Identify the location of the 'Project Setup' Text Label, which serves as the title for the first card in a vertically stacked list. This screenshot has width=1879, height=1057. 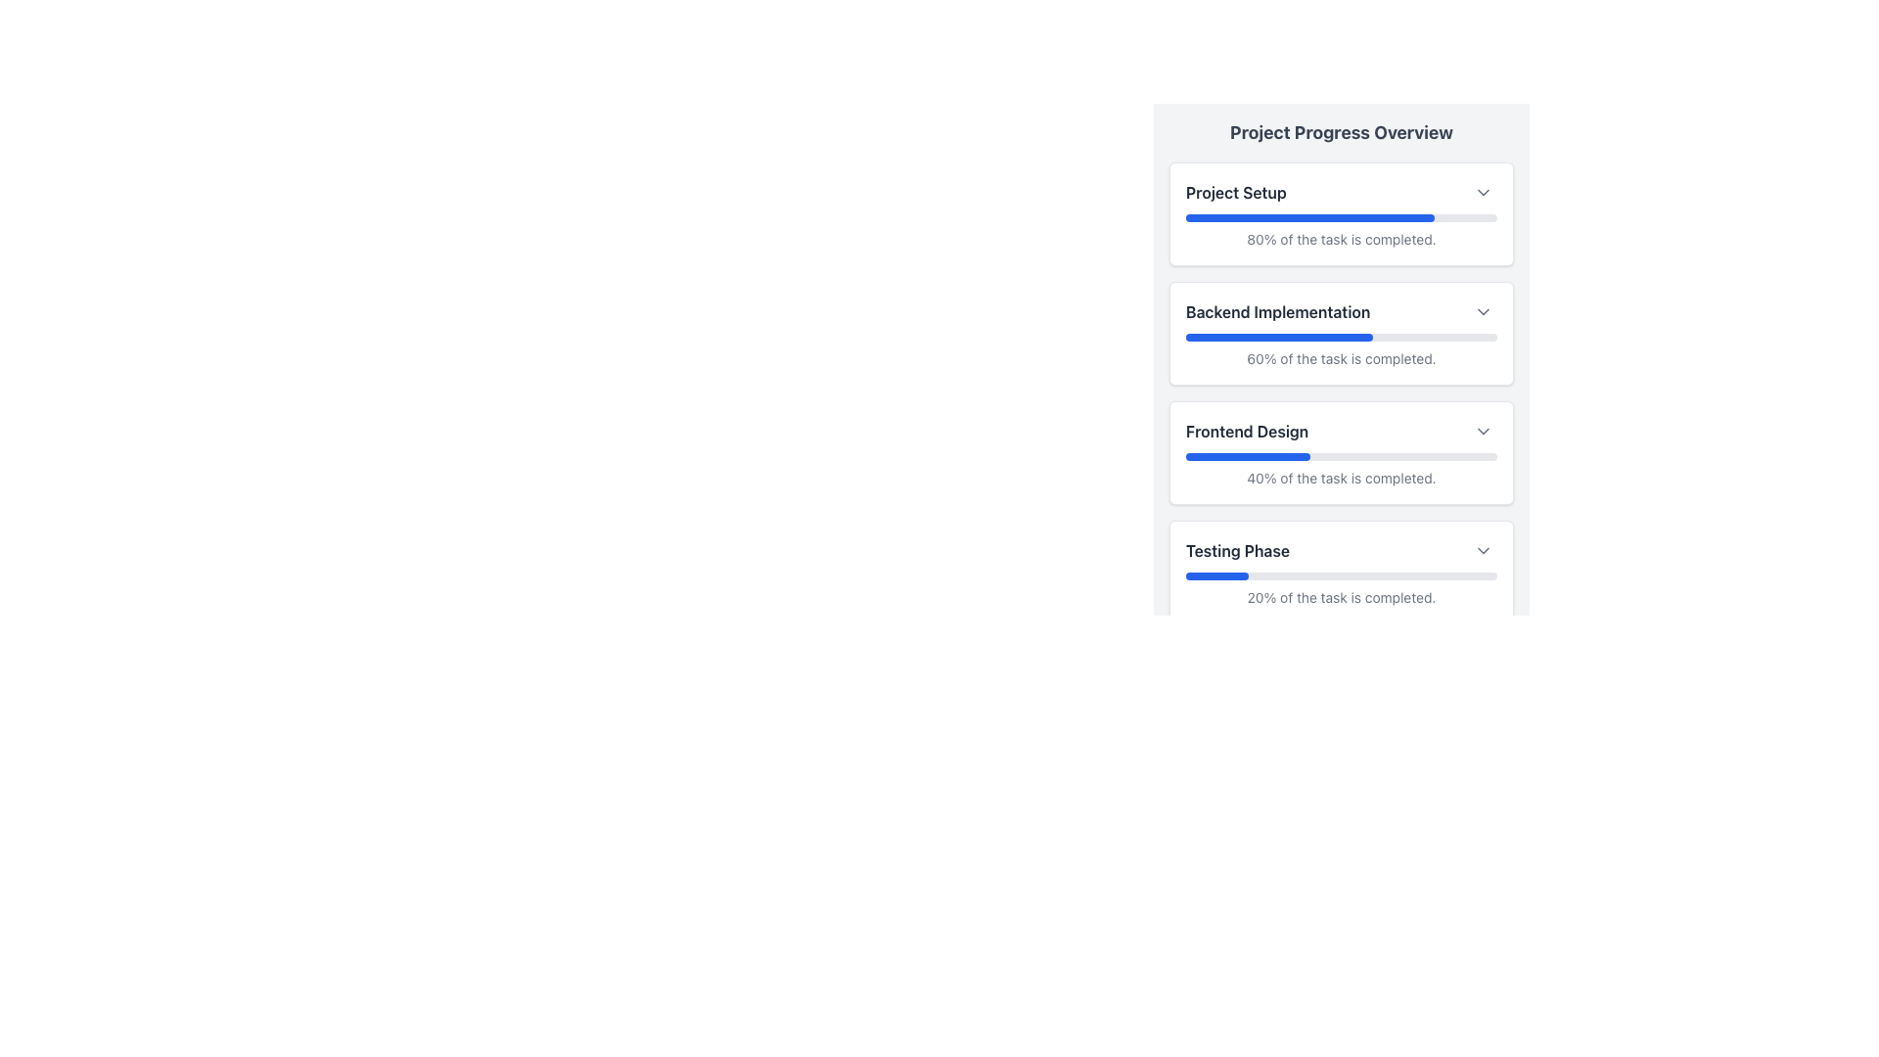
(1235, 192).